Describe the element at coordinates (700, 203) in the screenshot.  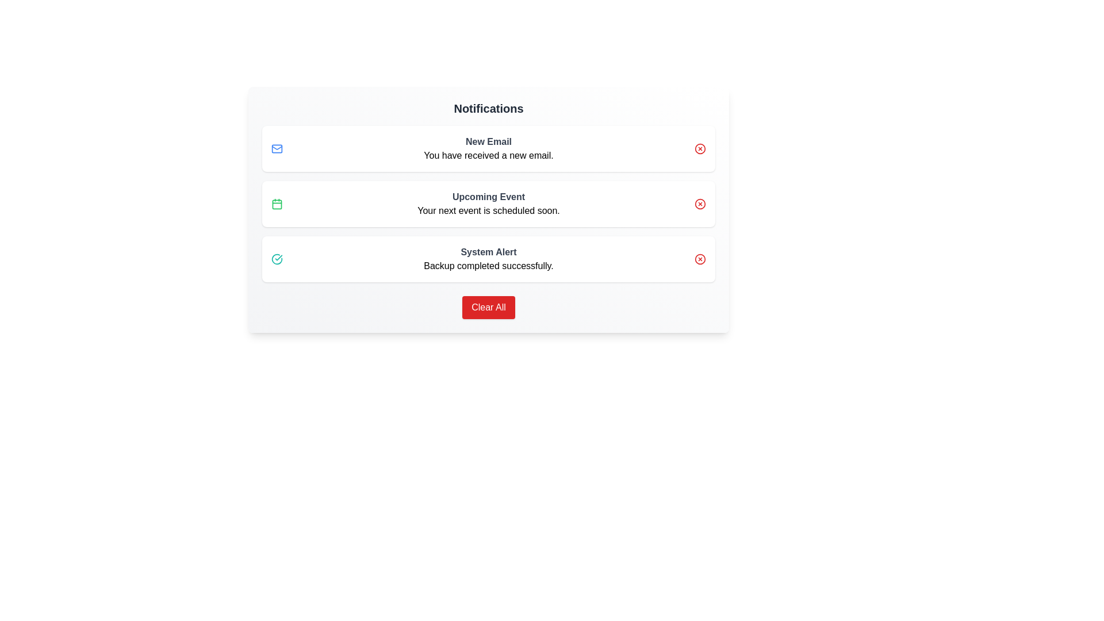
I see `the delete button located at the far right end of the notification card displaying 'Upcoming Event: Your next event is scheduled soon.'` at that location.